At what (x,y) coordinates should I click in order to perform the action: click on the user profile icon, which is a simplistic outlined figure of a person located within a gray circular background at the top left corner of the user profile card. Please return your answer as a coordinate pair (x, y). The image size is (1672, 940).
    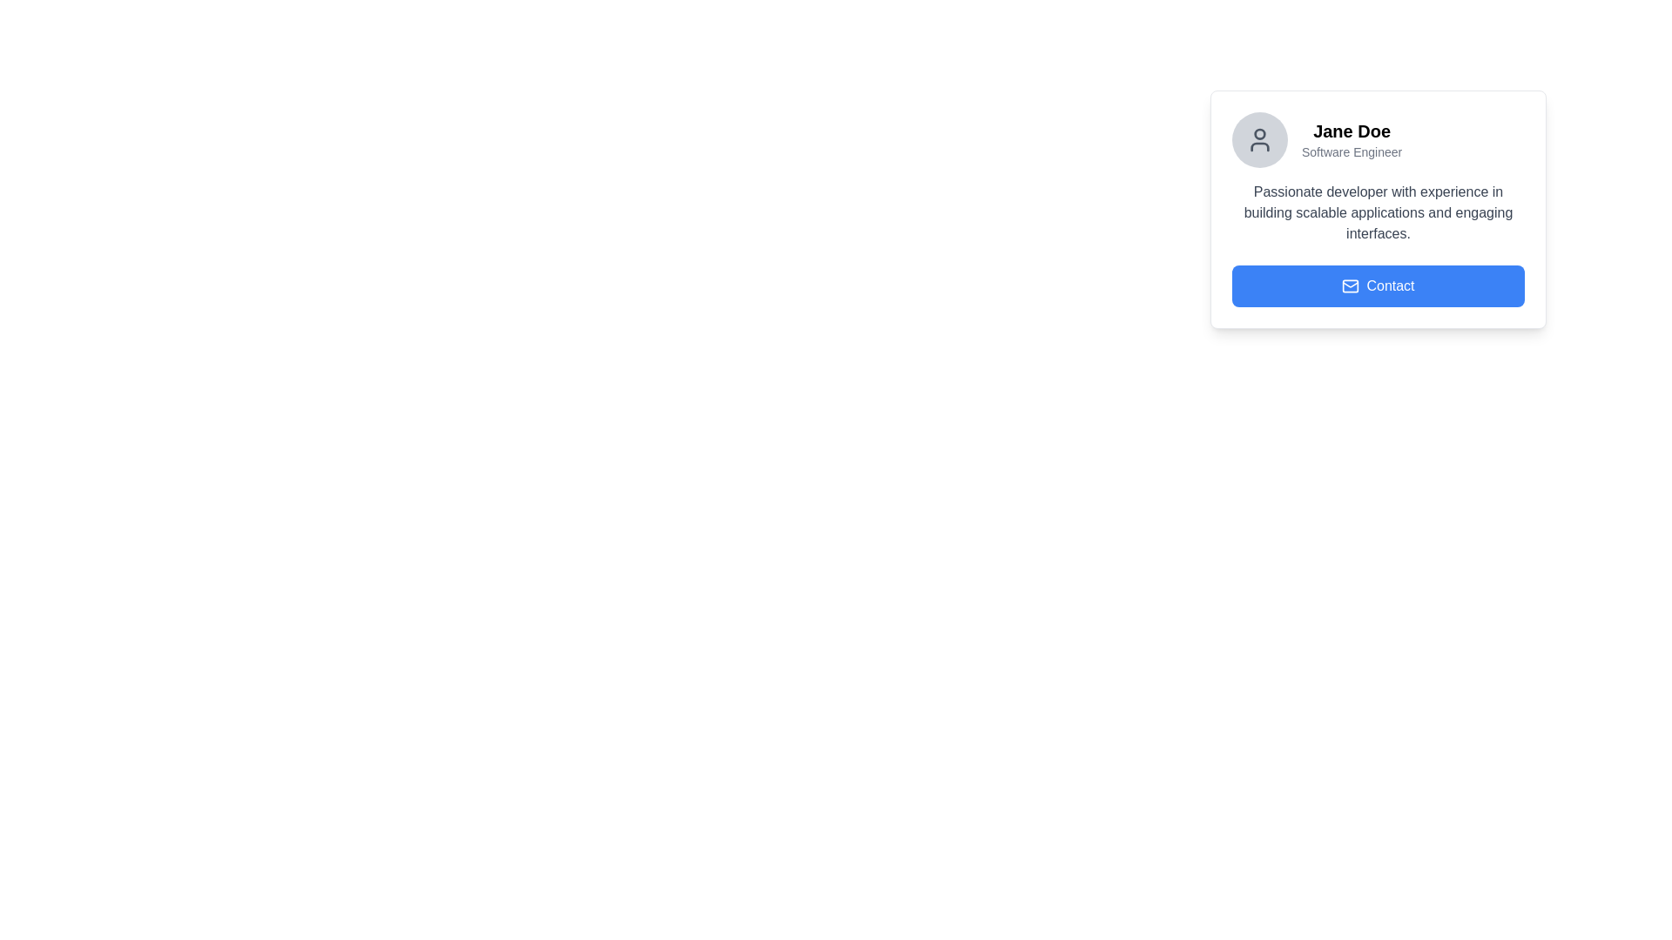
    Looking at the image, I should click on (1259, 139).